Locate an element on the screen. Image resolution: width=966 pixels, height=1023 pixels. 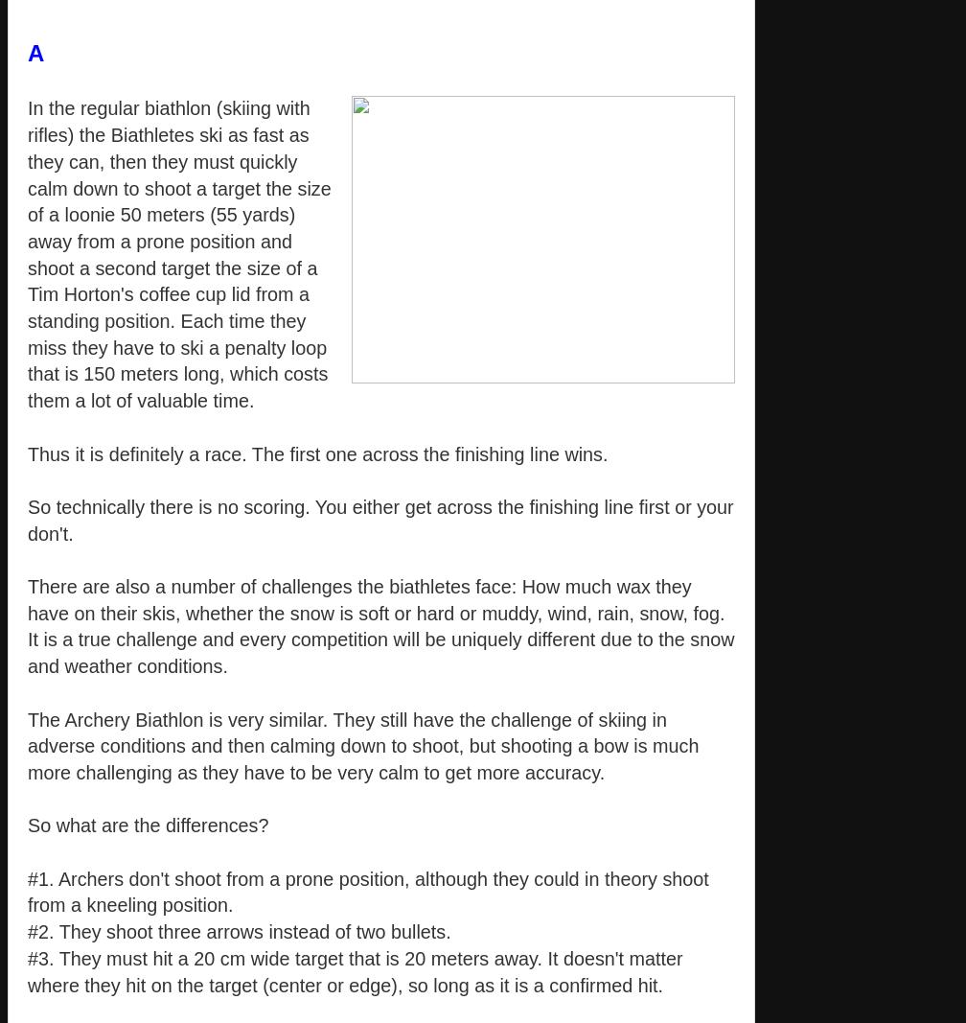
'So what are the differences?' is located at coordinates (28, 824).